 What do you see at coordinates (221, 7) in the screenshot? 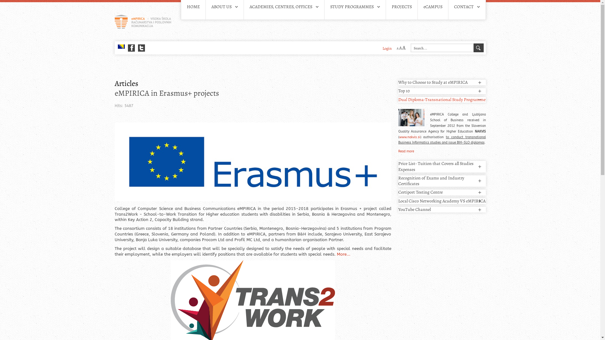
I see `'ABOUT US'` at bounding box center [221, 7].